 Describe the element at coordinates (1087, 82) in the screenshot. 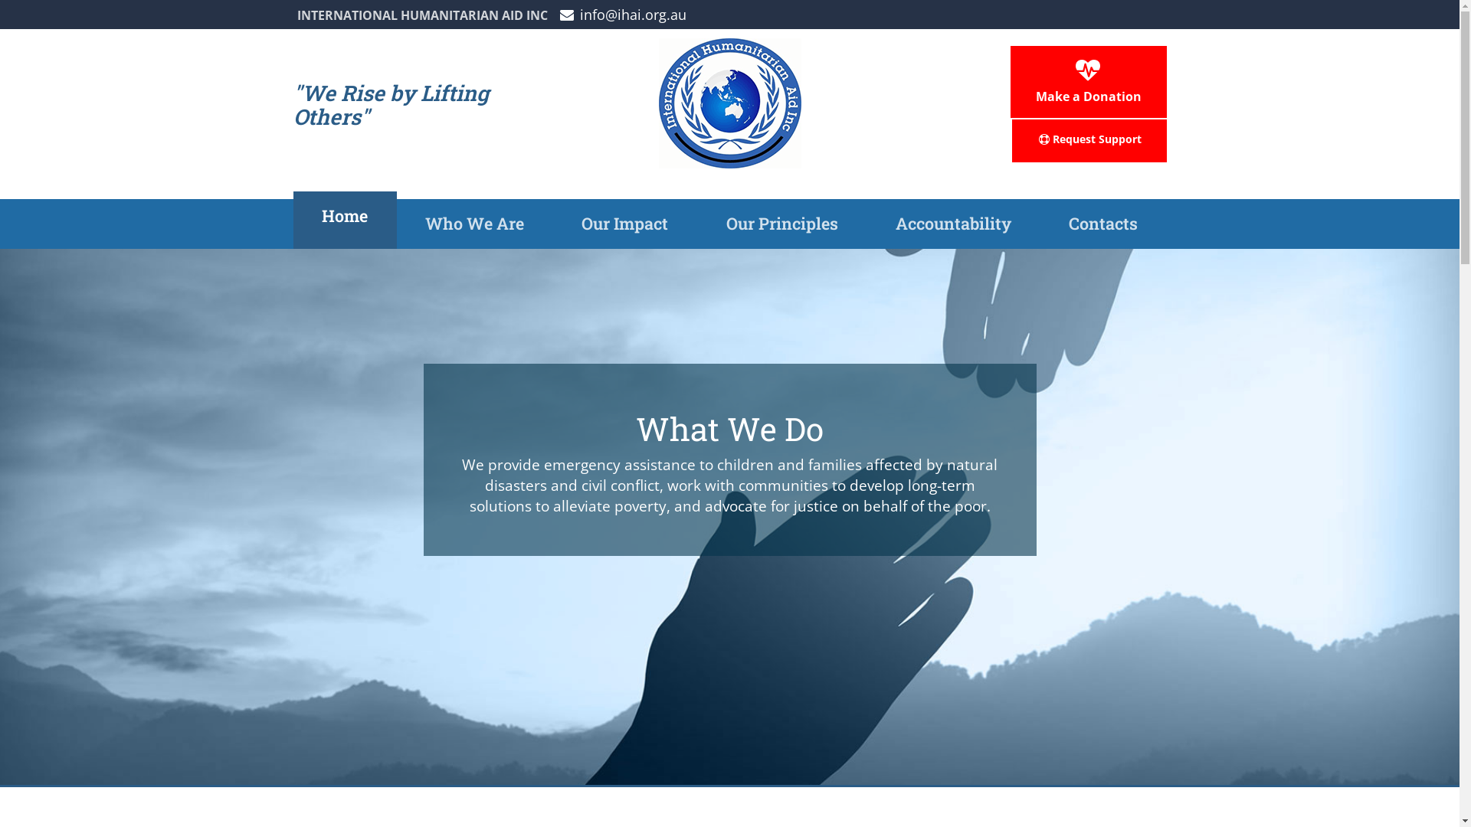

I see `'Make a Donation'` at that location.